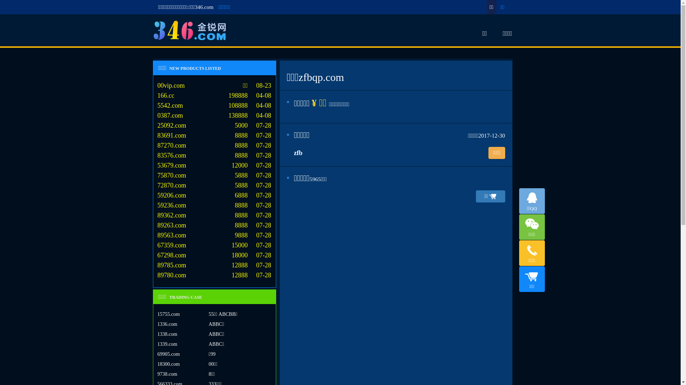 This screenshot has width=686, height=385. Describe the element at coordinates (214, 98) in the screenshot. I see `'166.cc 198888 04-08'` at that location.